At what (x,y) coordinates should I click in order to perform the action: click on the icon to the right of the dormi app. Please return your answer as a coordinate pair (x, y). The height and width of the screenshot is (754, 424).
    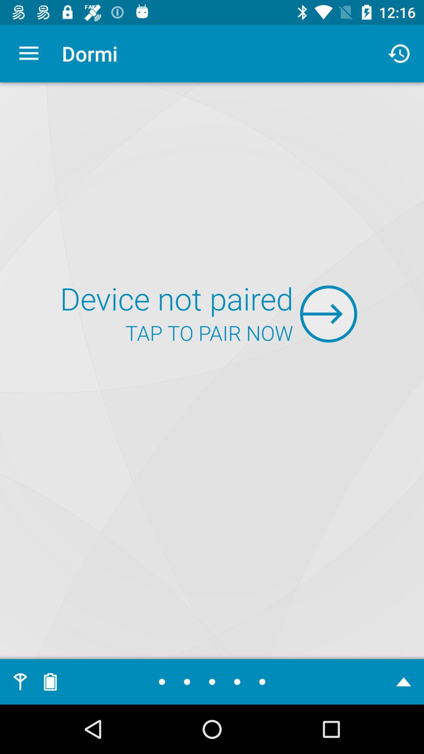
    Looking at the image, I should click on (399, 53).